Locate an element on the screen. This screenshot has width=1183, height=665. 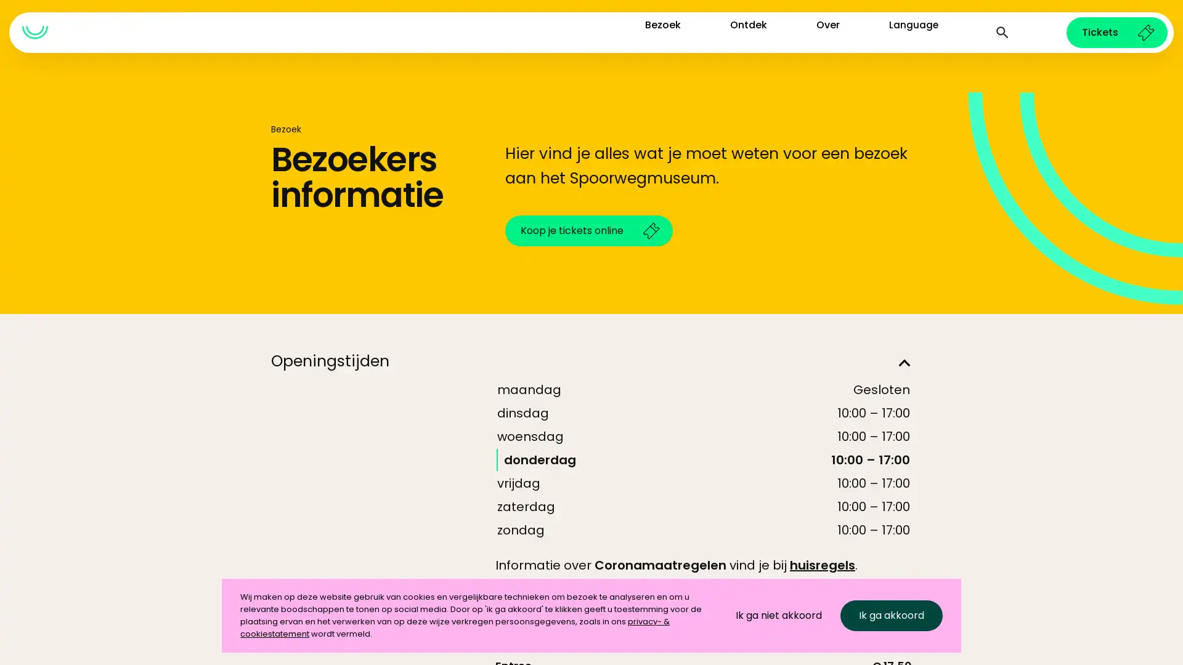
Ik ga akkoord is located at coordinates (891, 615).